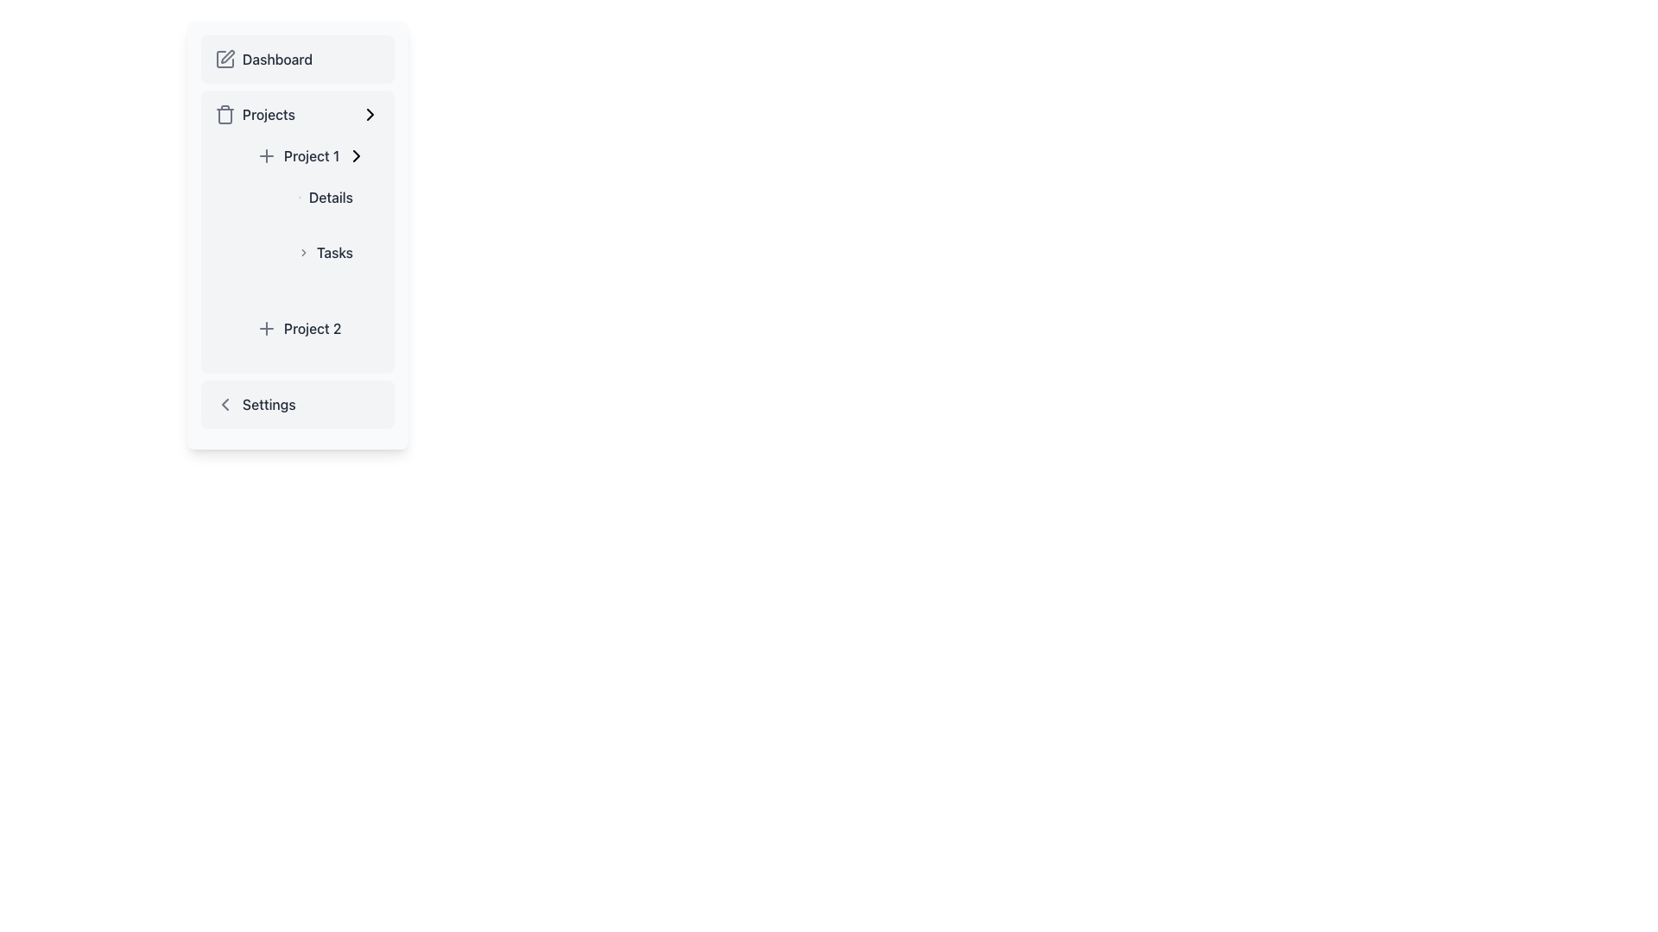 The height and width of the screenshot is (932, 1658). What do you see at coordinates (311, 329) in the screenshot?
I see `the List Item labeled 'Project 2' in the vertical navigation menu` at bounding box center [311, 329].